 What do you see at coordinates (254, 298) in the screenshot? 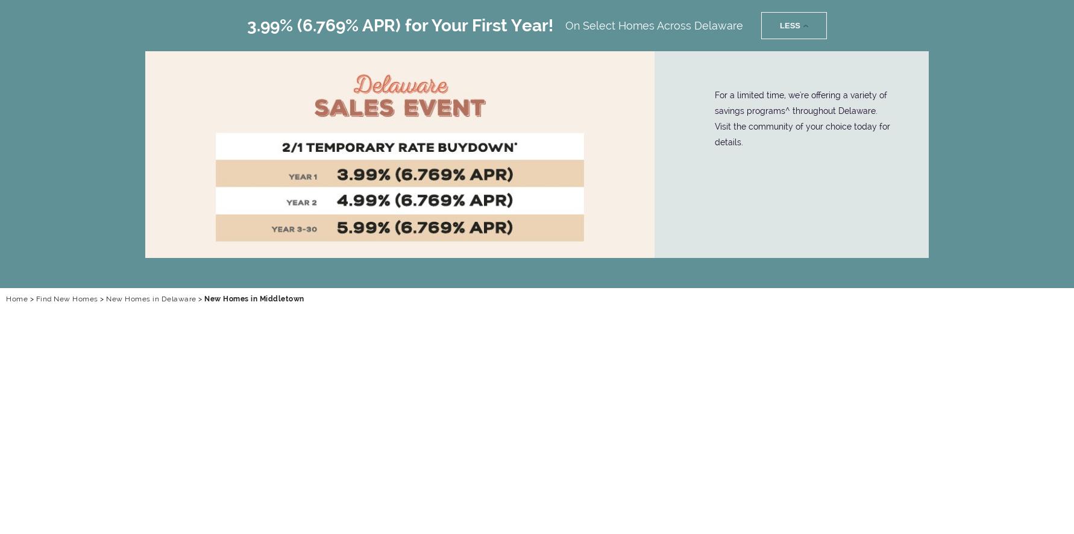
I see `'New Homes in Middletown'` at bounding box center [254, 298].